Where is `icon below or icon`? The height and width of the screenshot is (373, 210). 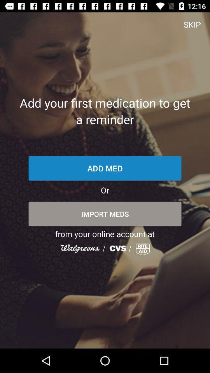
icon below or icon is located at coordinates (105, 214).